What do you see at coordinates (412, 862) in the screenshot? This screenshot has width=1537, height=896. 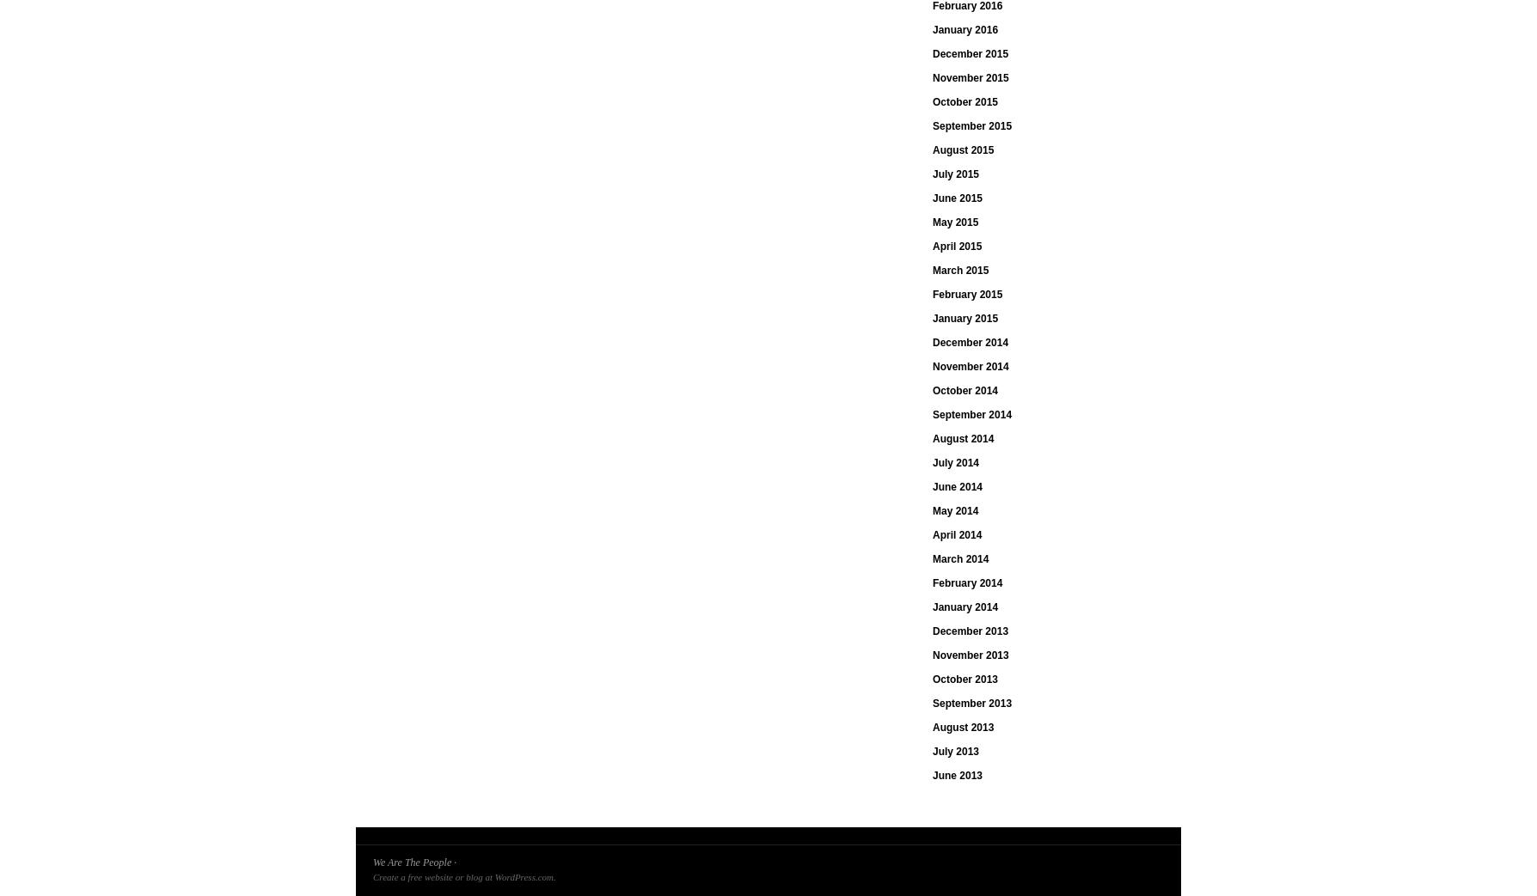 I see `'We Are The People'` at bounding box center [412, 862].